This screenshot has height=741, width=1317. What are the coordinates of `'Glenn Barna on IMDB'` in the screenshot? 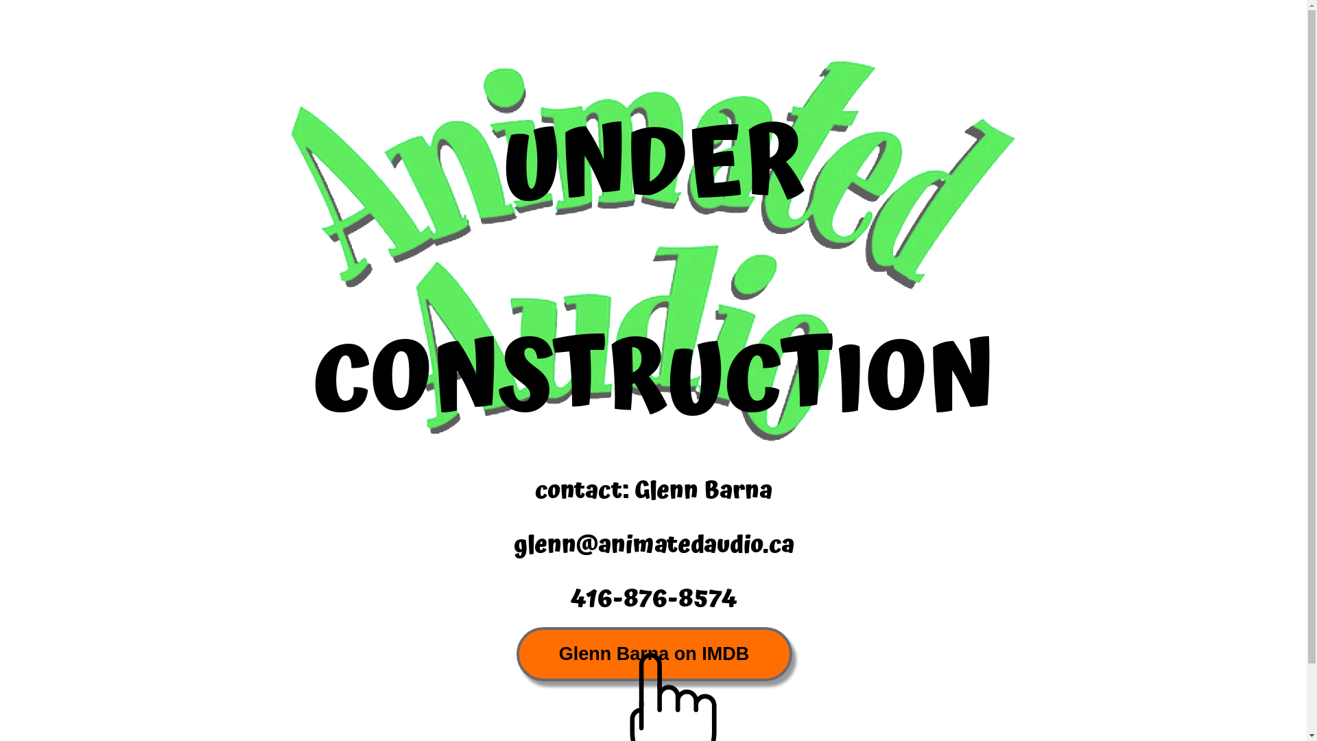 It's located at (653, 653).